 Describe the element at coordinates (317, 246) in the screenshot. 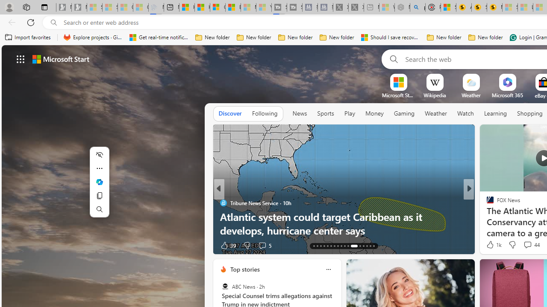

I see `'AutomationID: tab-14'` at that location.